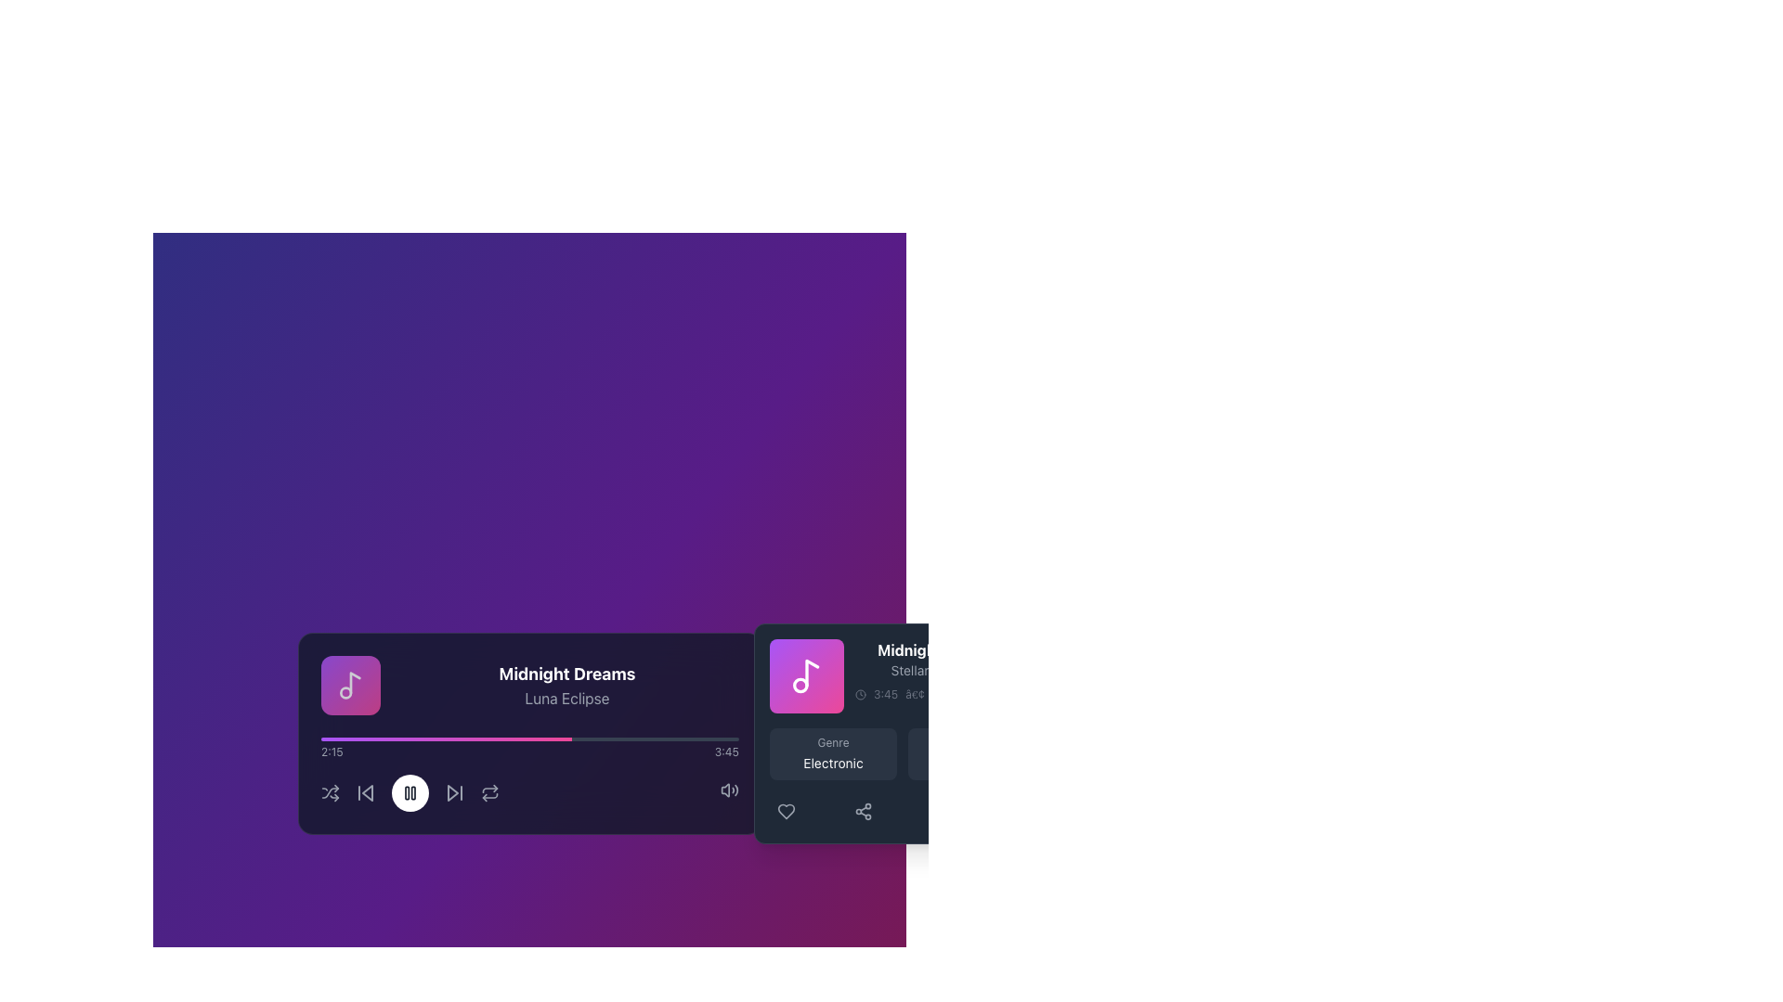 Image resolution: width=1783 pixels, height=1002 pixels. I want to click on the text label 'Midnight Dreams' which is styled with a bold white font and is prominently displayed above 'Luna Eclipse' in a media control interface, so click(566, 674).